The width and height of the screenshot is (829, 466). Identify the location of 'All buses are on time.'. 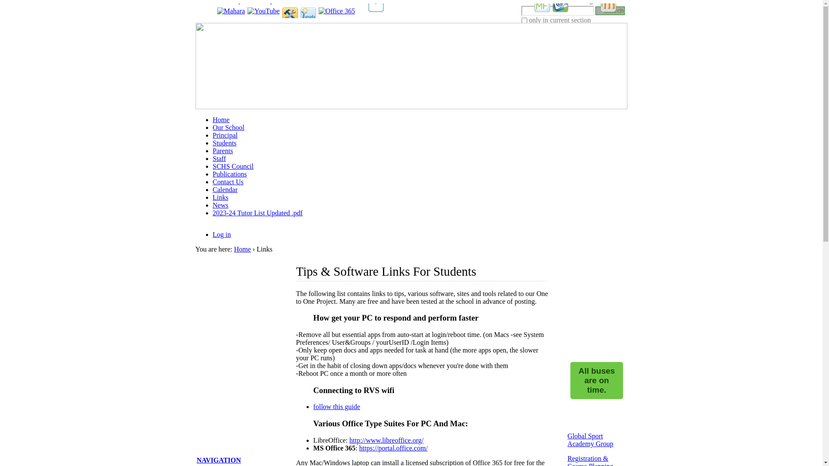
(596, 380).